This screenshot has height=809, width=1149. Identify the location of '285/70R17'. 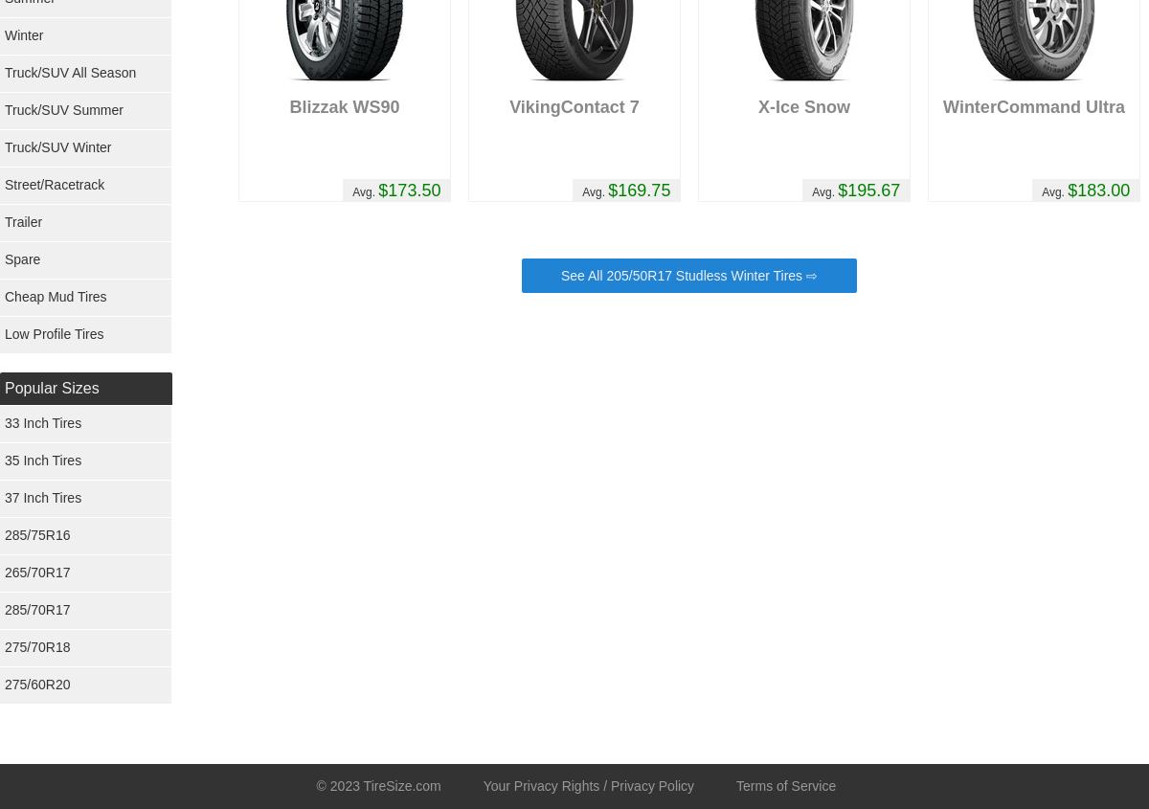
(37, 609).